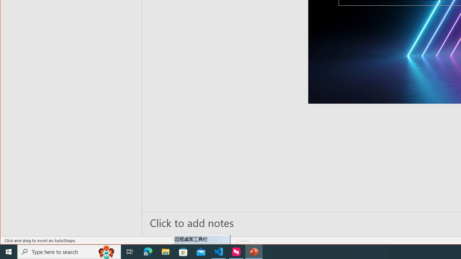 The image size is (461, 259). Describe the element at coordinates (183, 251) in the screenshot. I see `'Microsoft Store'` at that location.